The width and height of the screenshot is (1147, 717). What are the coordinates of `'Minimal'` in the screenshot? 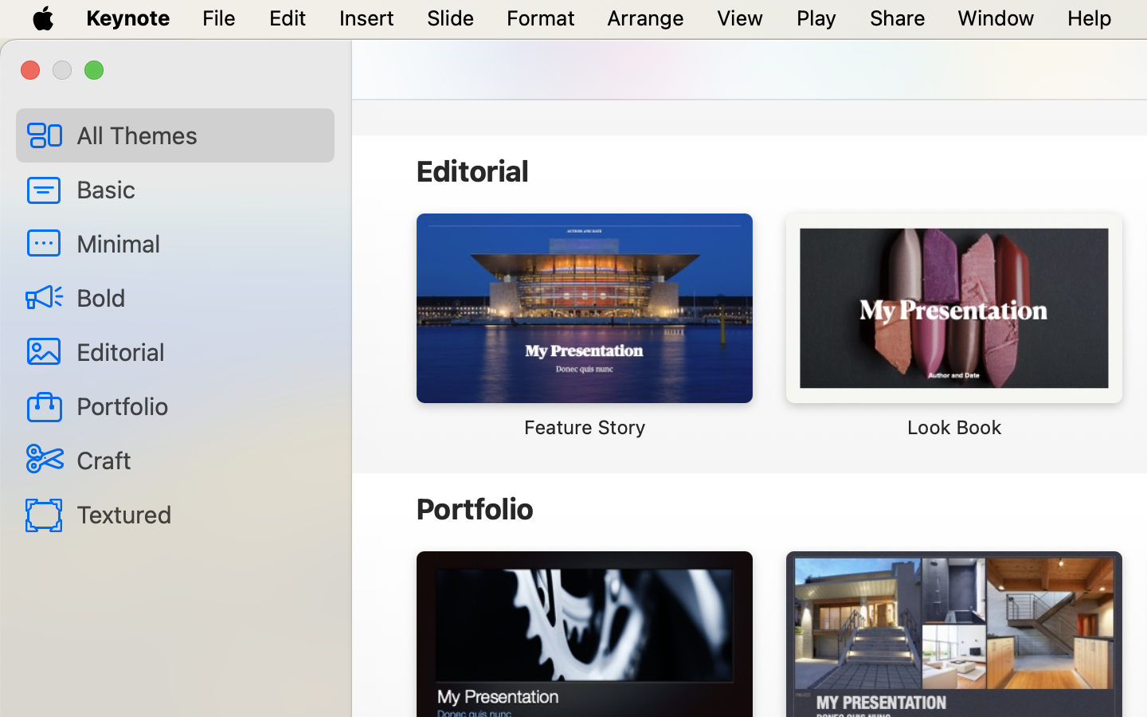 It's located at (198, 242).